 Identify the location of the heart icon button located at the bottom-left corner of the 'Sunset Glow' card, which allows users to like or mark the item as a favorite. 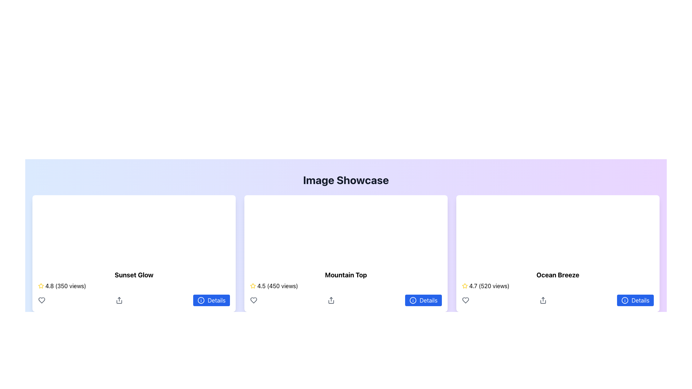
(41, 300).